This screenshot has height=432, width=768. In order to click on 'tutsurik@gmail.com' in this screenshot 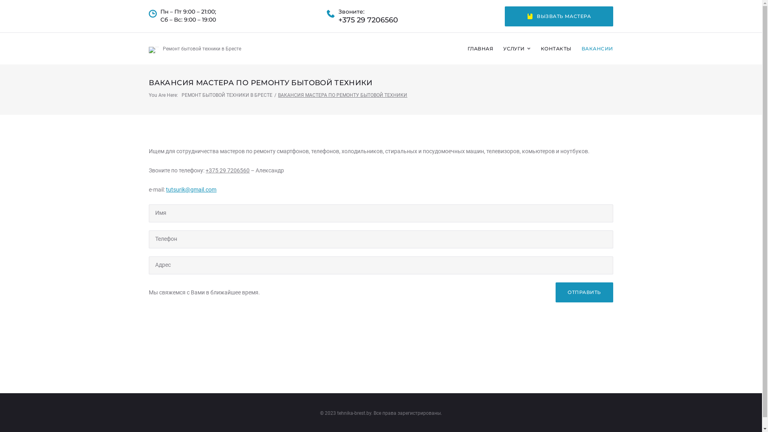, I will do `click(165, 190)`.